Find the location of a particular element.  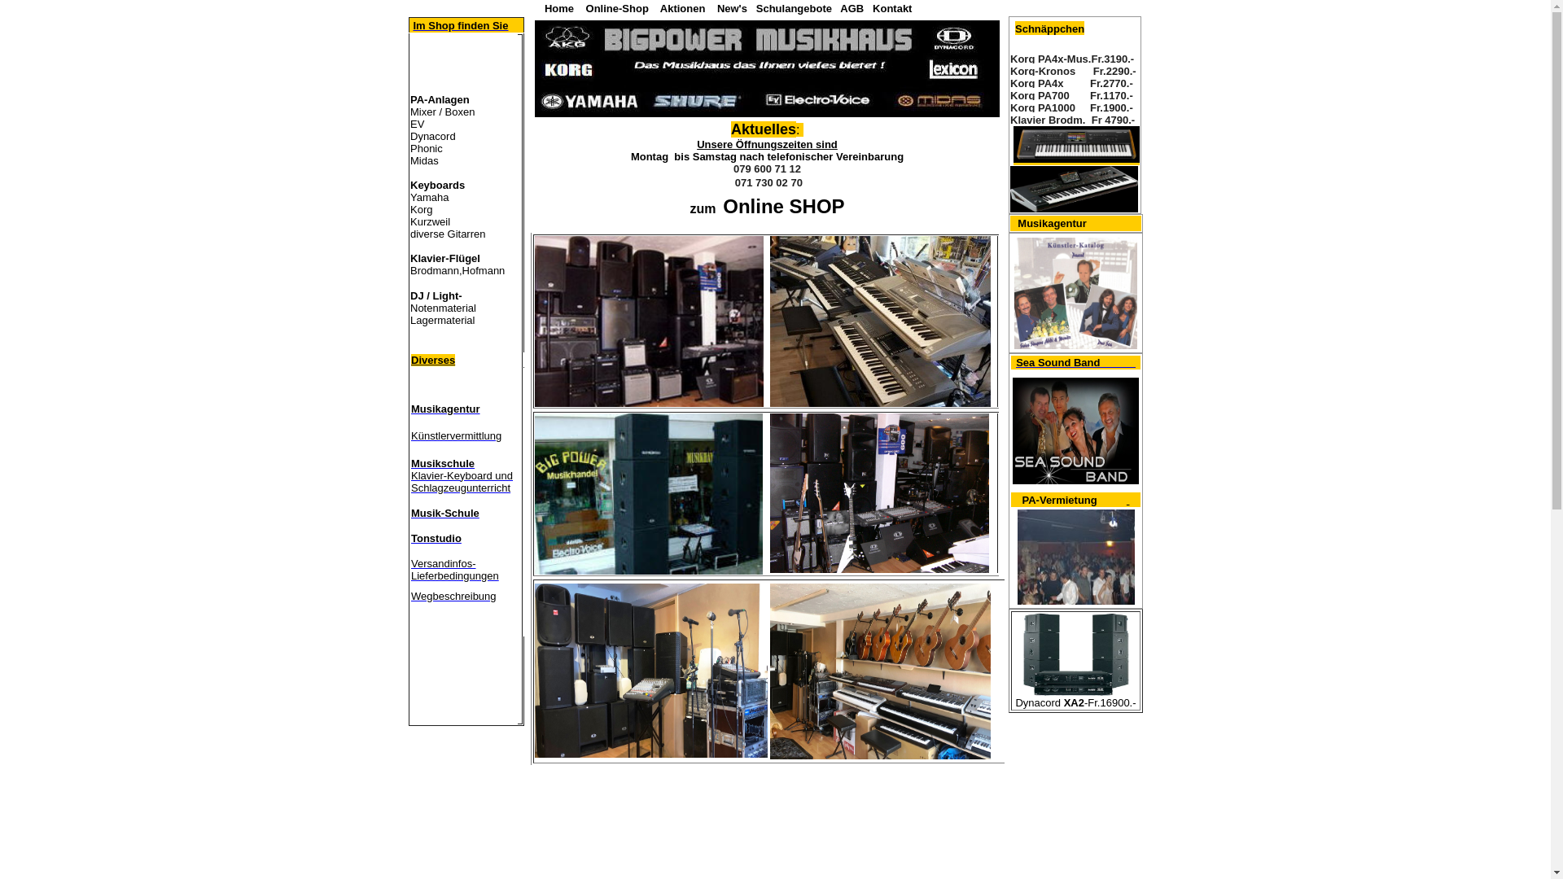

'Versandinfos-Lieferbedingungen' is located at coordinates (410, 567).